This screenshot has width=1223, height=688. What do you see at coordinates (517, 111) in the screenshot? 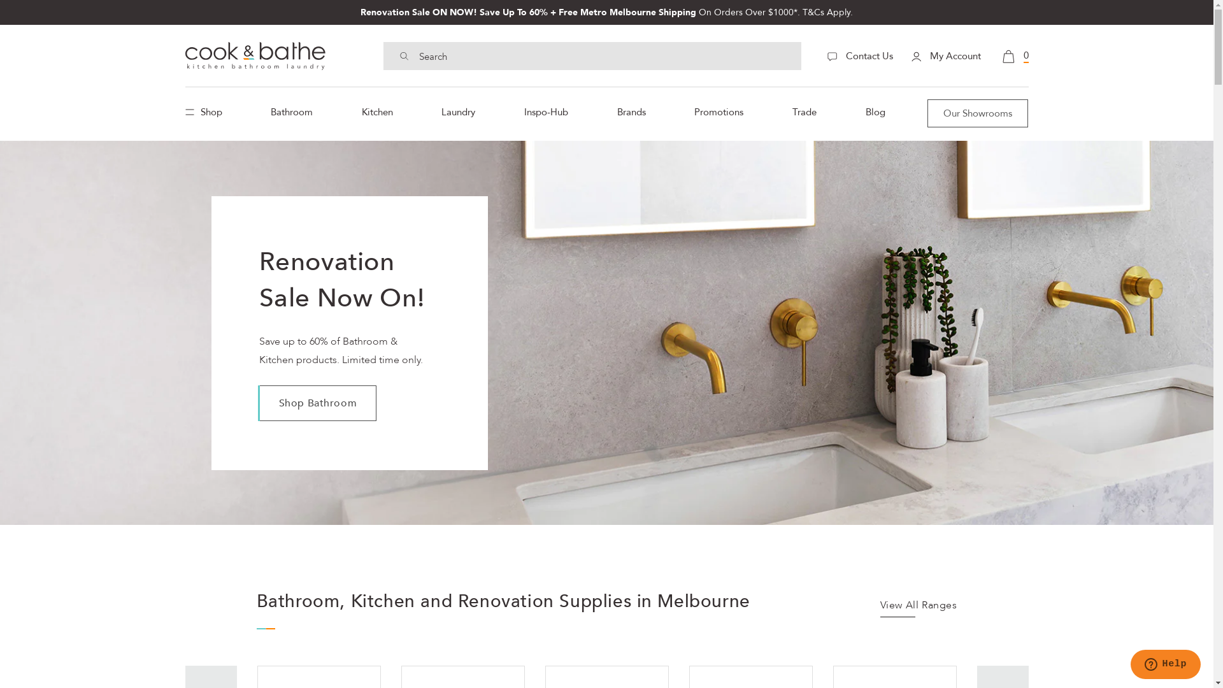
I see `'Inspo-Hub'` at bounding box center [517, 111].